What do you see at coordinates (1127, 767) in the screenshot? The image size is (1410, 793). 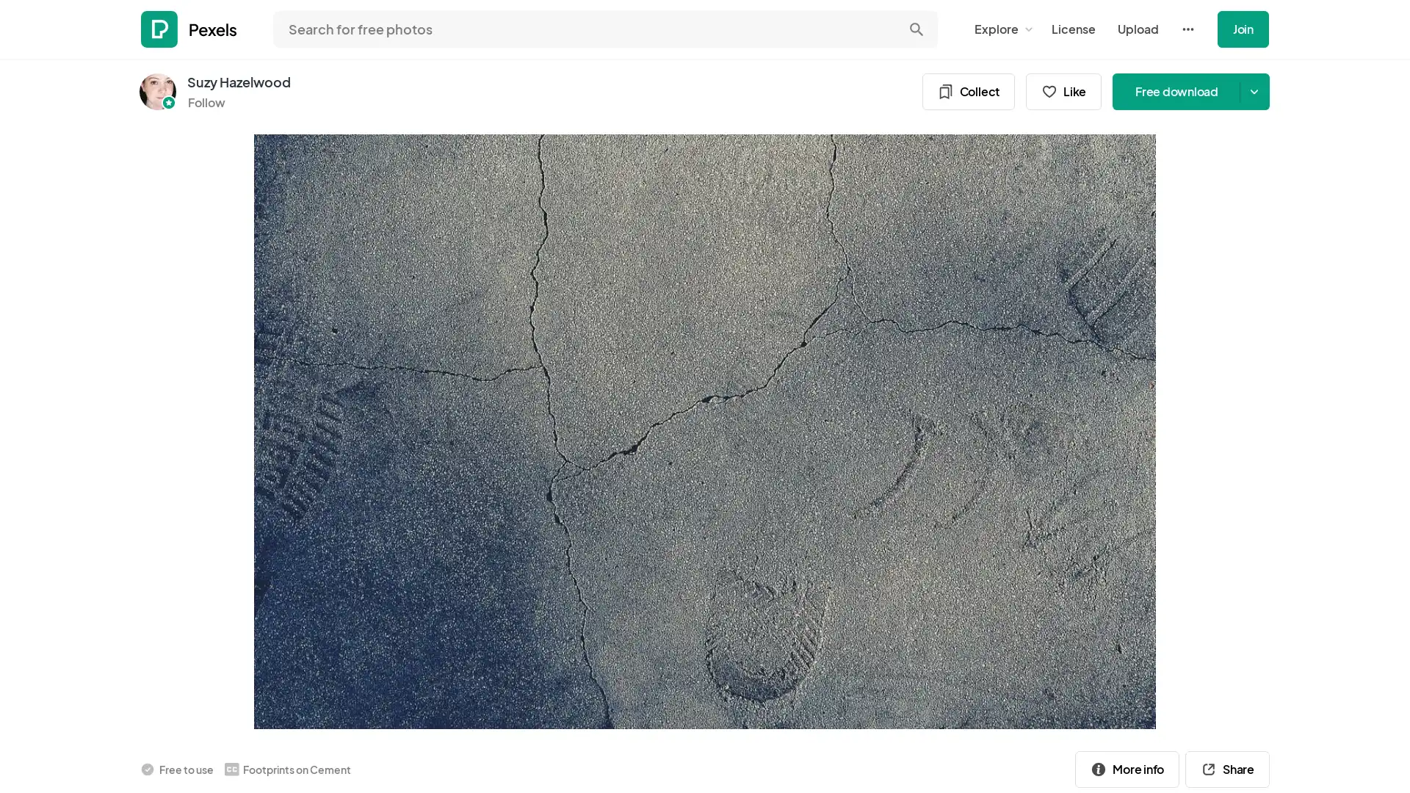 I see `More info` at bounding box center [1127, 767].